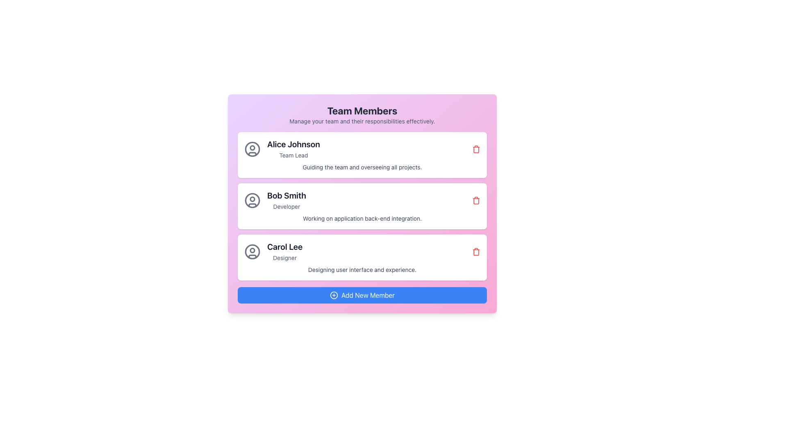 The image size is (787, 443). What do you see at coordinates (252, 149) in the screenshot?
I see `the decorative circular vector graphic element inside the user profile icon of the first list item corresponding to team member 'Alice Johnson'` at bounding box center [252, 149].